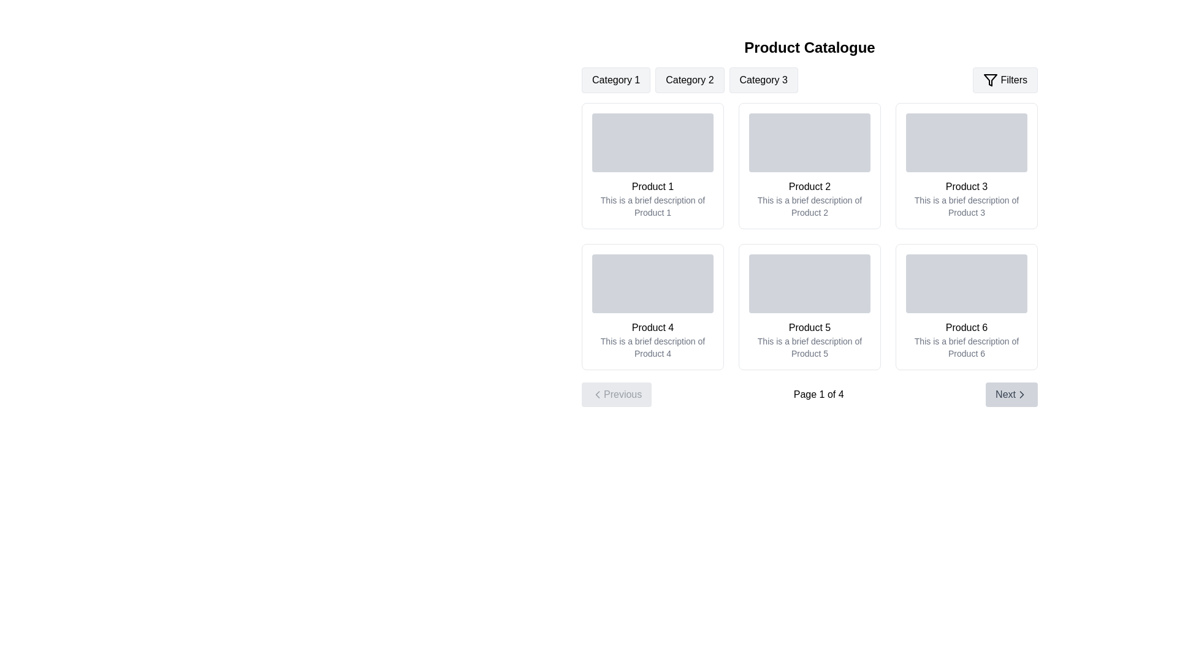 Image resolution: width=1177 pixels, height=662 pixels. What do you see at coordinates (966, 306) in the screenshot?
I see `the product display card located in the second row and third column of the grid layout, which serves as a visual placeholder for the product` at bounding box center [966, 306].